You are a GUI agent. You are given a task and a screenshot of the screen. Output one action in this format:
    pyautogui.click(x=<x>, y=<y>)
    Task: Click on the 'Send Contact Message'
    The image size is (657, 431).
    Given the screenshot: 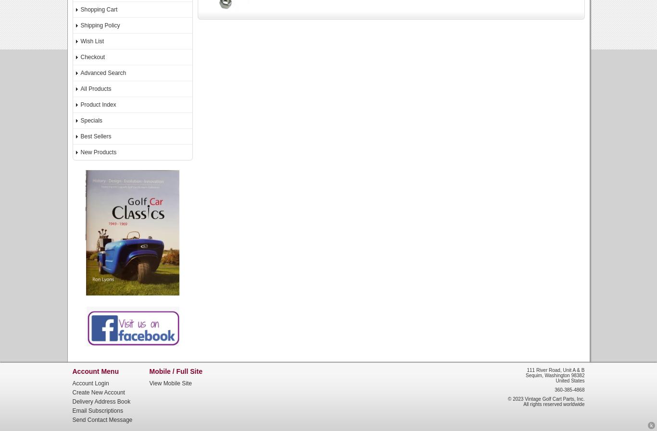 What is the action you would take?
    pyautogui.click(x=101, y=420)
    